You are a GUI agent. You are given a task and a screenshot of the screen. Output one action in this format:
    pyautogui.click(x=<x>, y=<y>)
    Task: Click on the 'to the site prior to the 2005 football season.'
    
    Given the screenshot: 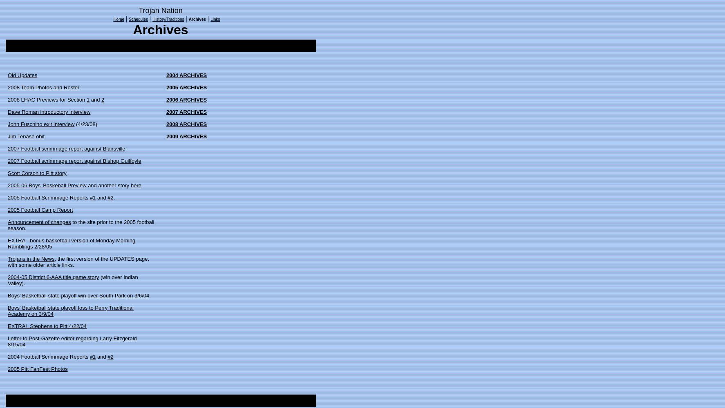 What is the action you would take?
    pyautogui.click(x=80, y=225)
    